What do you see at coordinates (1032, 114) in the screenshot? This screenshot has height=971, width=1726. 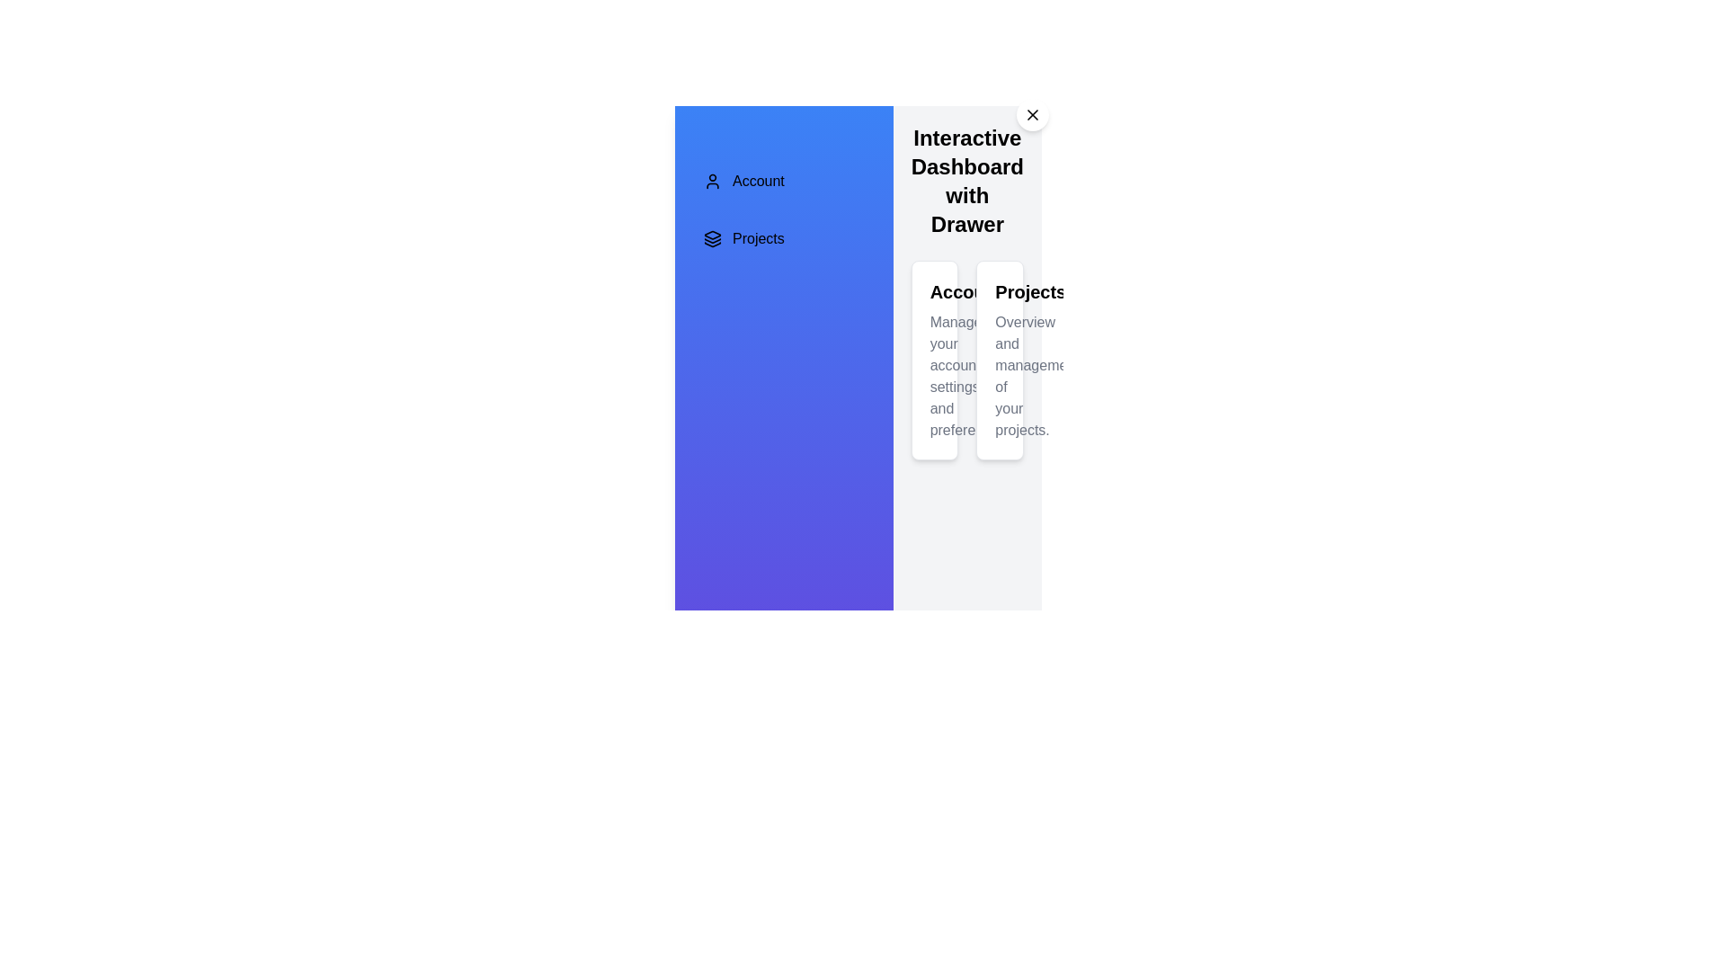 I see `toggle button in the top-right corner of the drawer to toggle its state` at bounding box center [1032, 114].